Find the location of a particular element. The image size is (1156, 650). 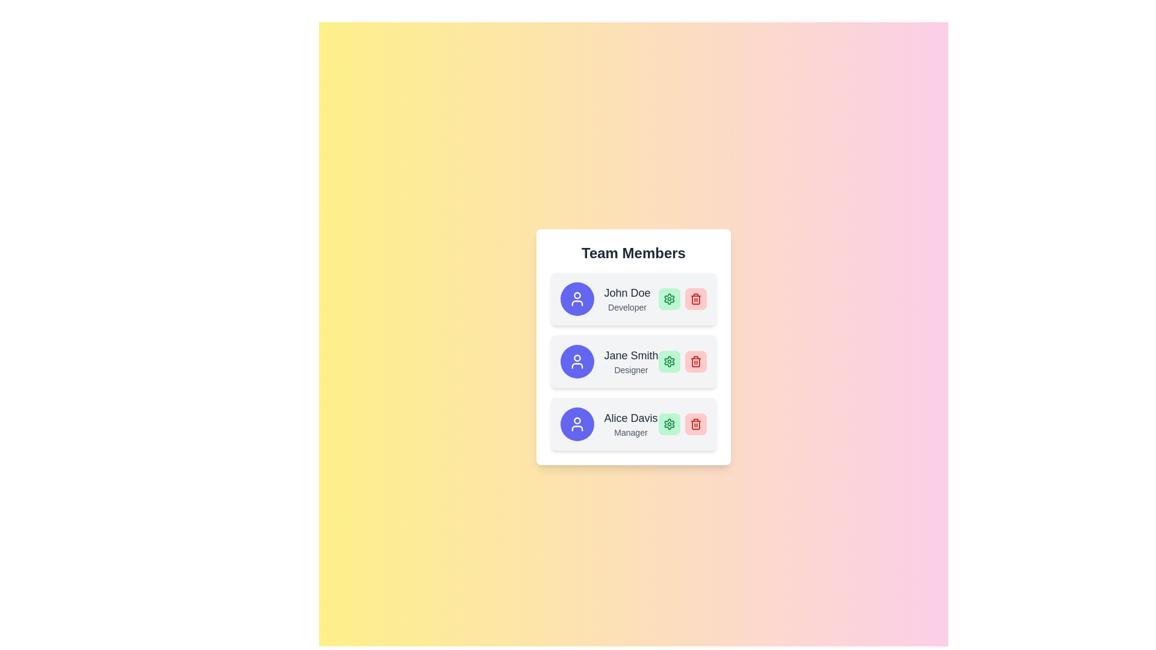

the delete button with an icon located to the right of the 'John Doe' entry in the team members list is located at coordinates (695, 299).